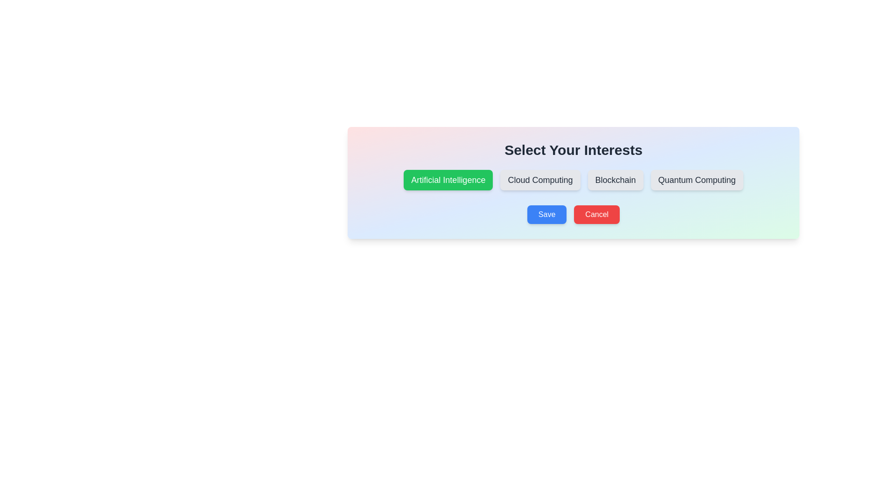 This screenshot has height=504, width=896. What do you see at coordinates (546, 214) in the screenshot?
I see `the 'Save' button to confirm the selections` at bounding box center [546, 214].